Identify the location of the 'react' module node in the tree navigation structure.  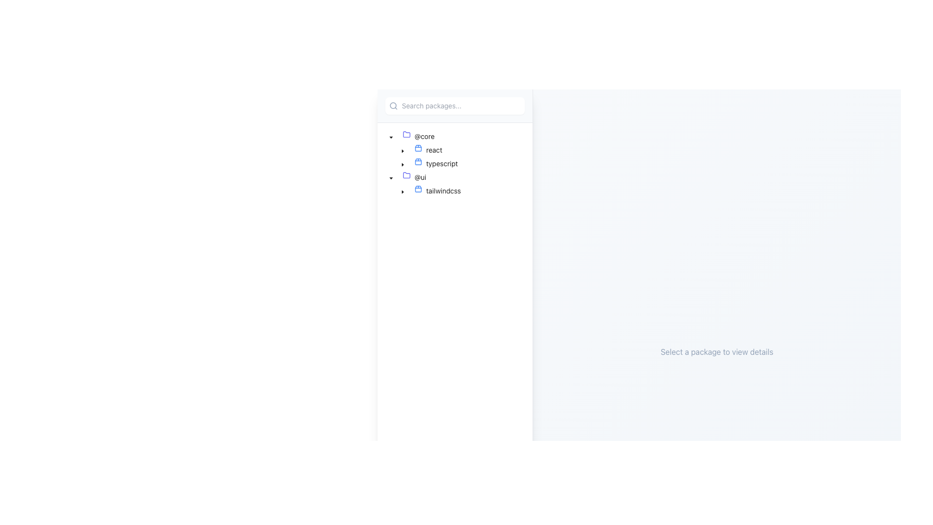
(428, 150).